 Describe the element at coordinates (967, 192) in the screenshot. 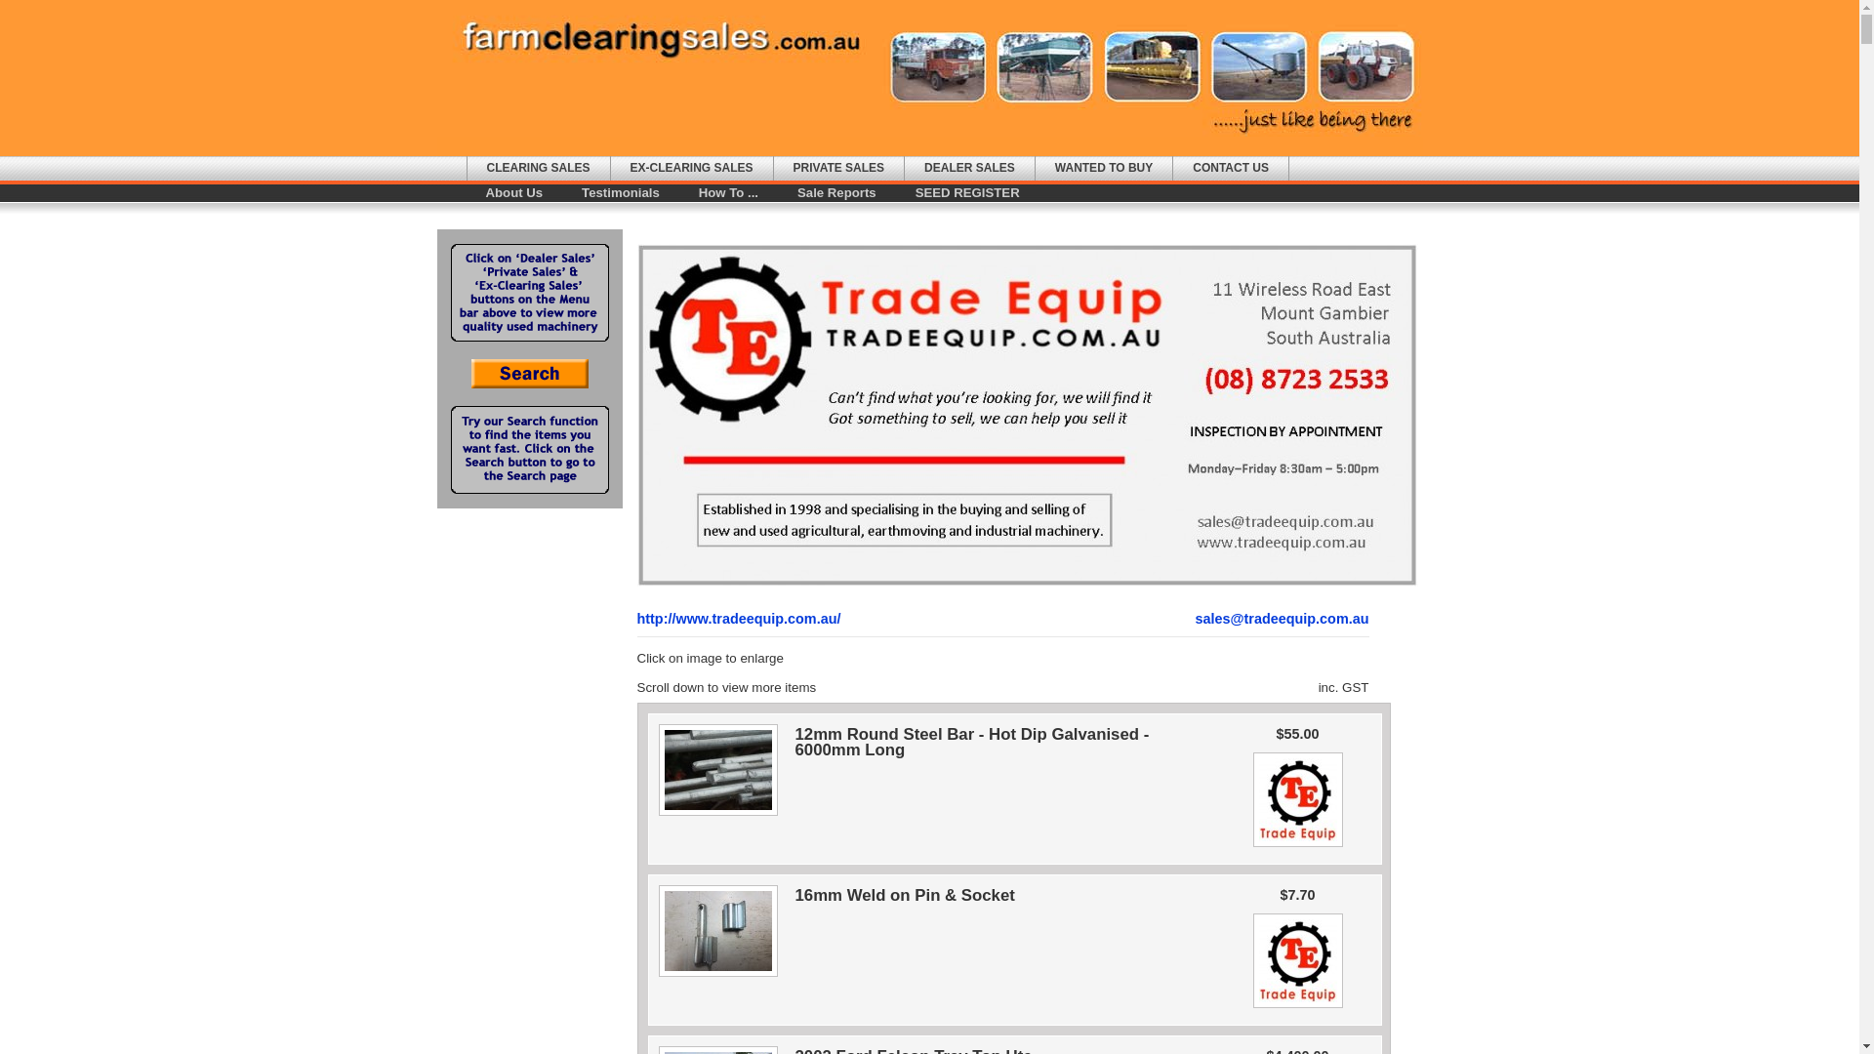

I see `'SEED REGISTER'` at that location.